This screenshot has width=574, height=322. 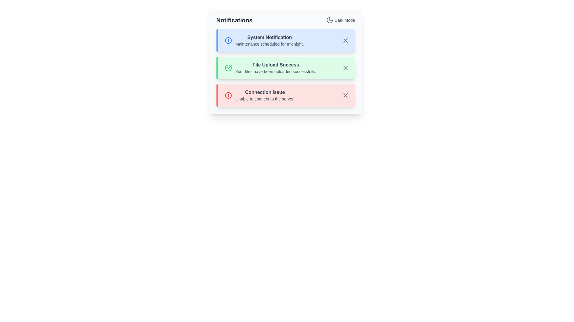 What do you see at coordinates (329, 20) in the screenshot?
I see `the moon-shaped icon with a hollow center and gray stroke outline, which is located next to the 'Dark Mode' text label in the top right corner of the layout` at bounding box center [329, 20].